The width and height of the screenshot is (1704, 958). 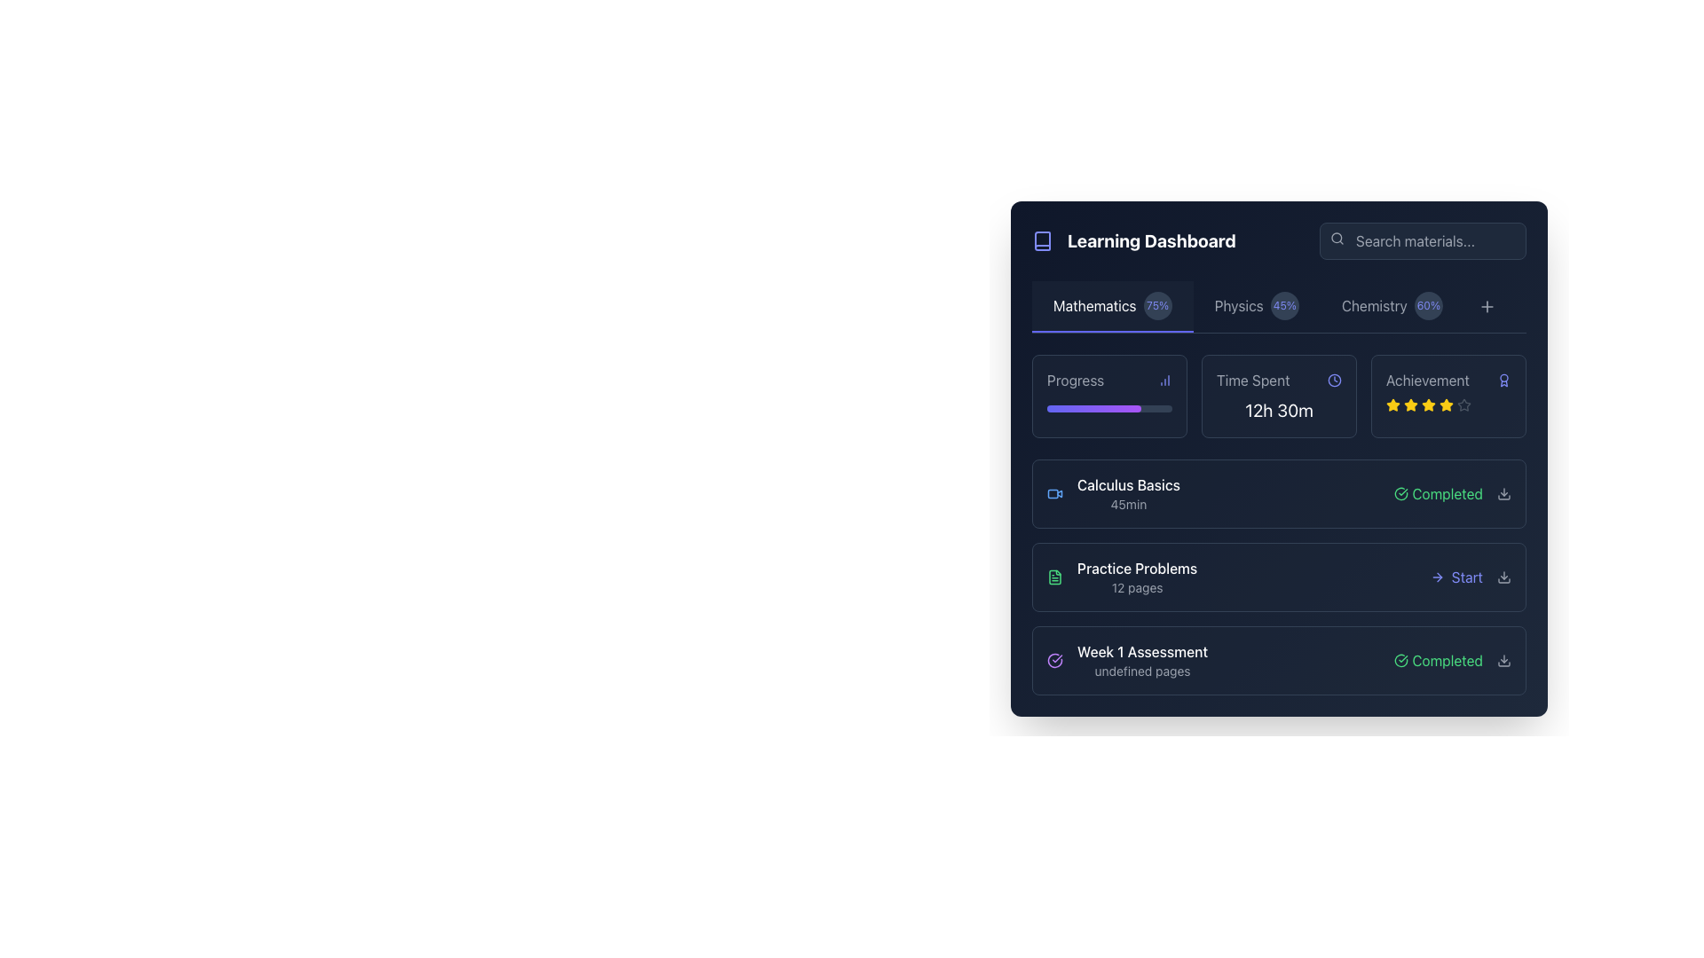 I want to click on the sixth unselected star in the star rating system within the 'Achievement' section, so click(x=1464, y=404).